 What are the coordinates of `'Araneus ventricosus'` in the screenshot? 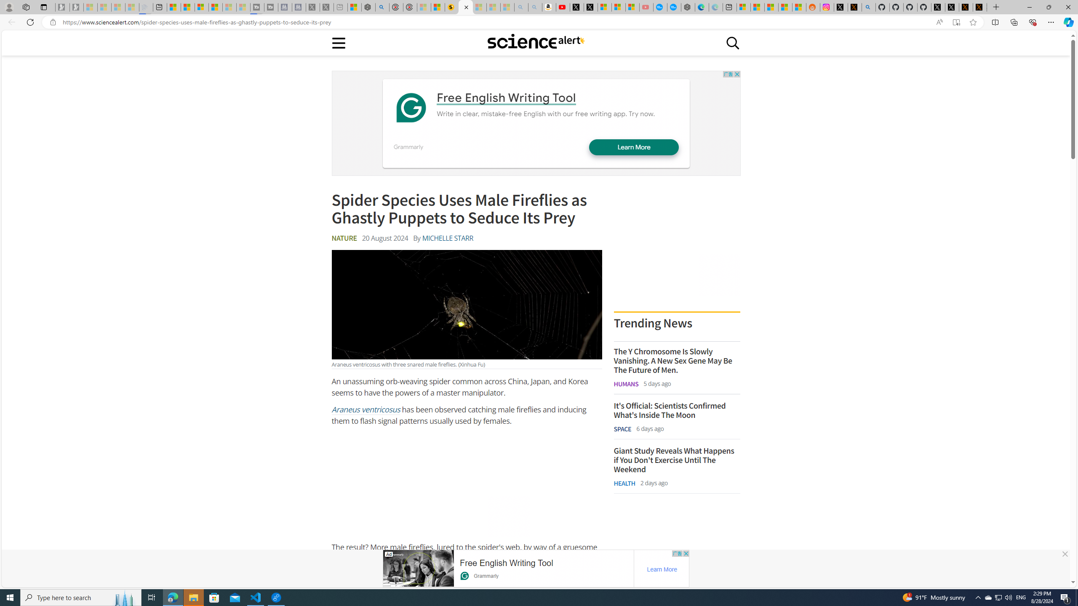 It's located at (365, 409).